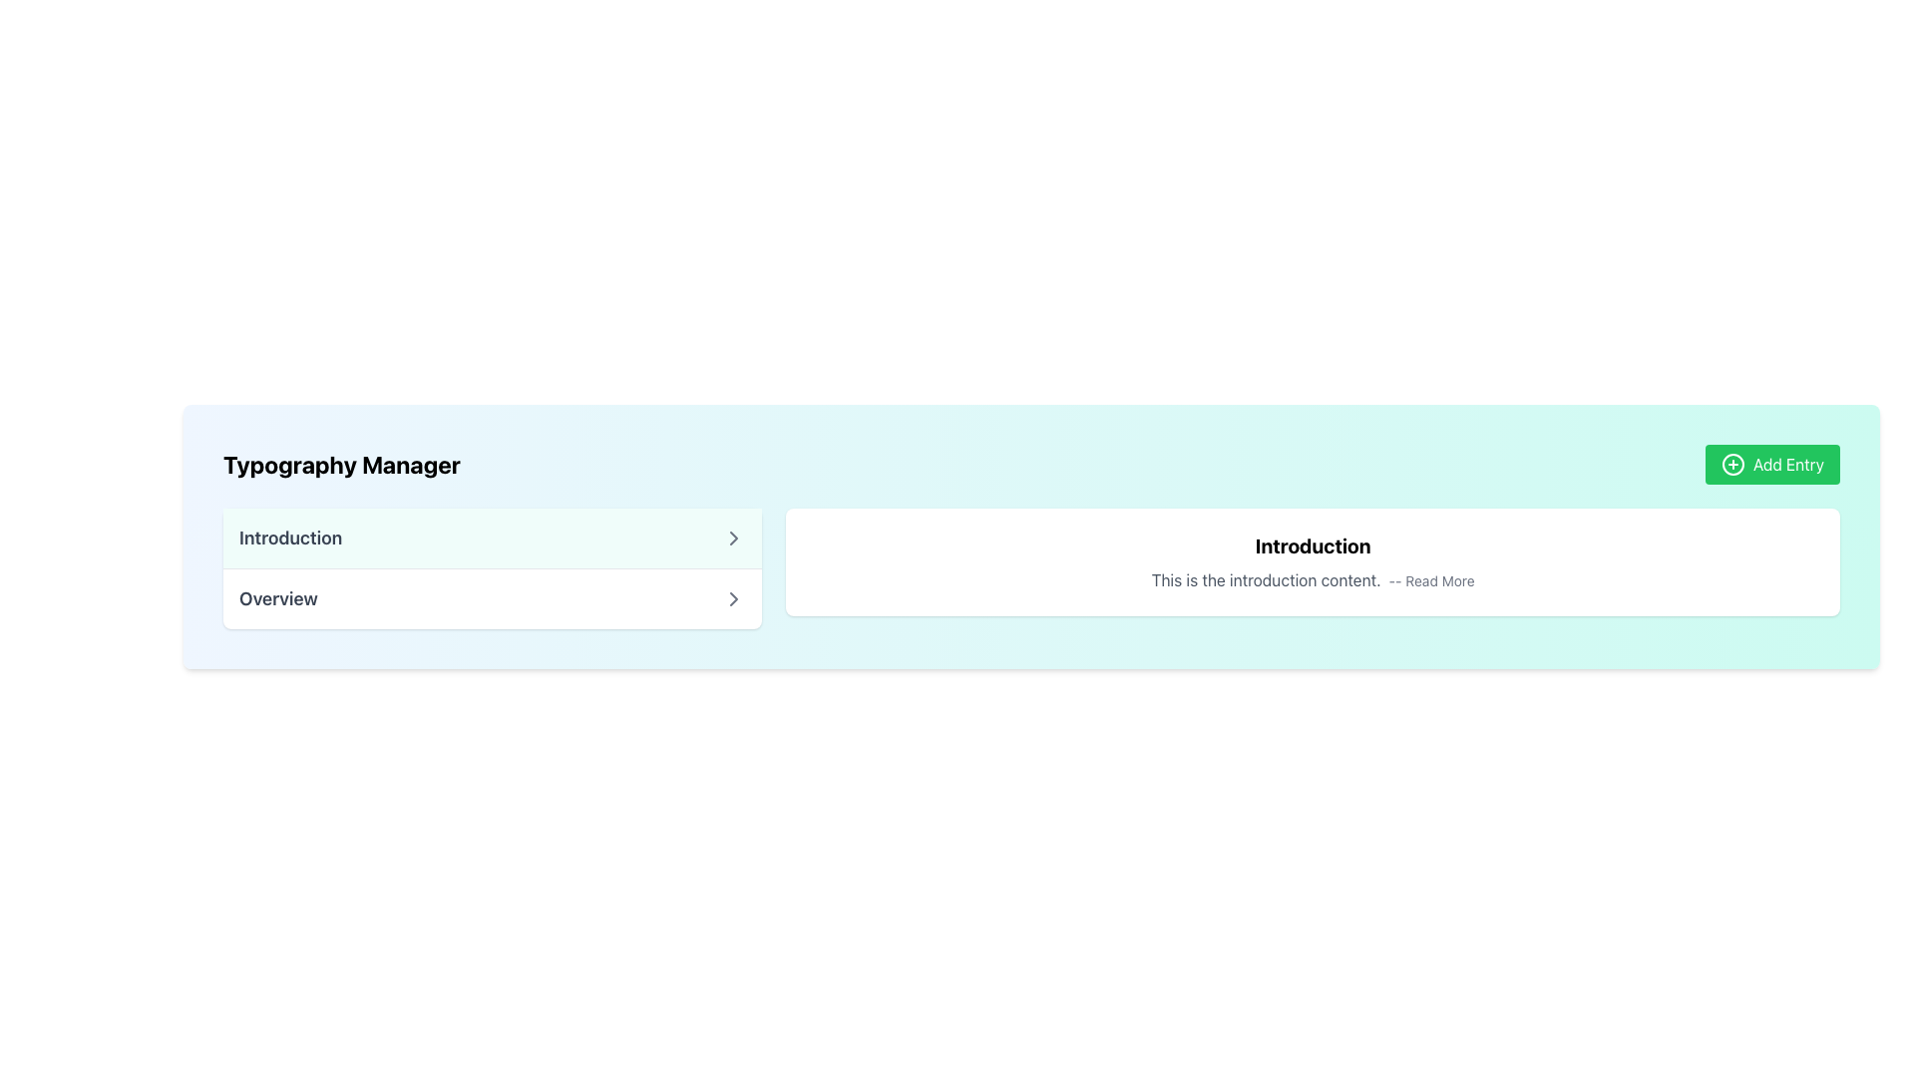 The width and height of the screenshot is (1915, 1077). What do you see at coordinates (733, 598) in the screenshot?
I see `the small gray chevron-right icon at the far-right end of the 'Overview' row` at bounding box center [733, 598].